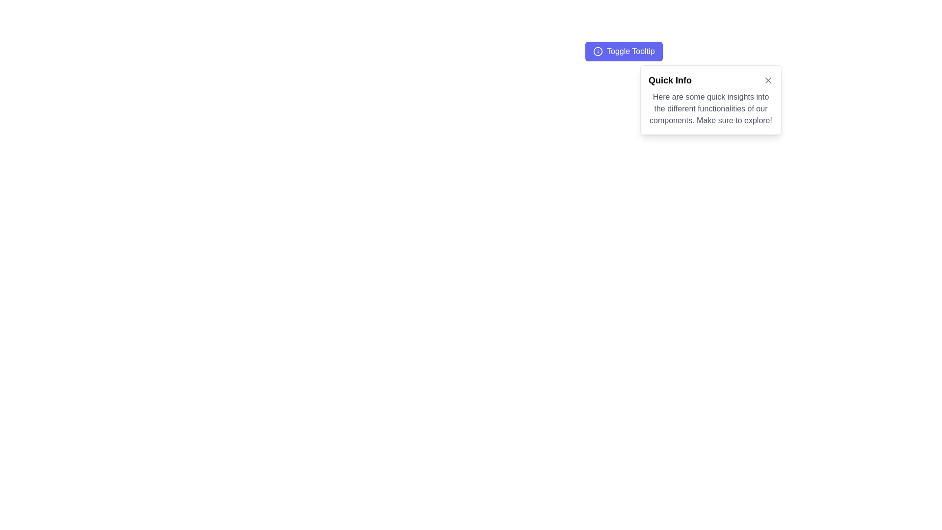 This screenshot has height=530, width=942. Describe the element at coordinates (767, 80) in the screenshot. I see `the close button located at the top-right corner of the 'Quick Info' tooltip` at that location.